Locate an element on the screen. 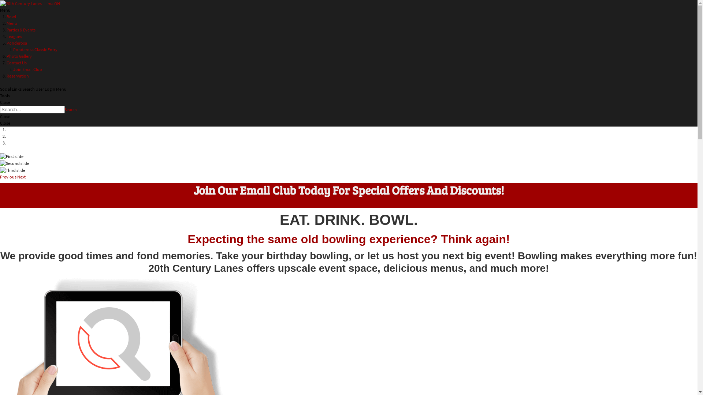 The image size is (703, 395). 'Join Email Club' is located at coordinates (27, 69).